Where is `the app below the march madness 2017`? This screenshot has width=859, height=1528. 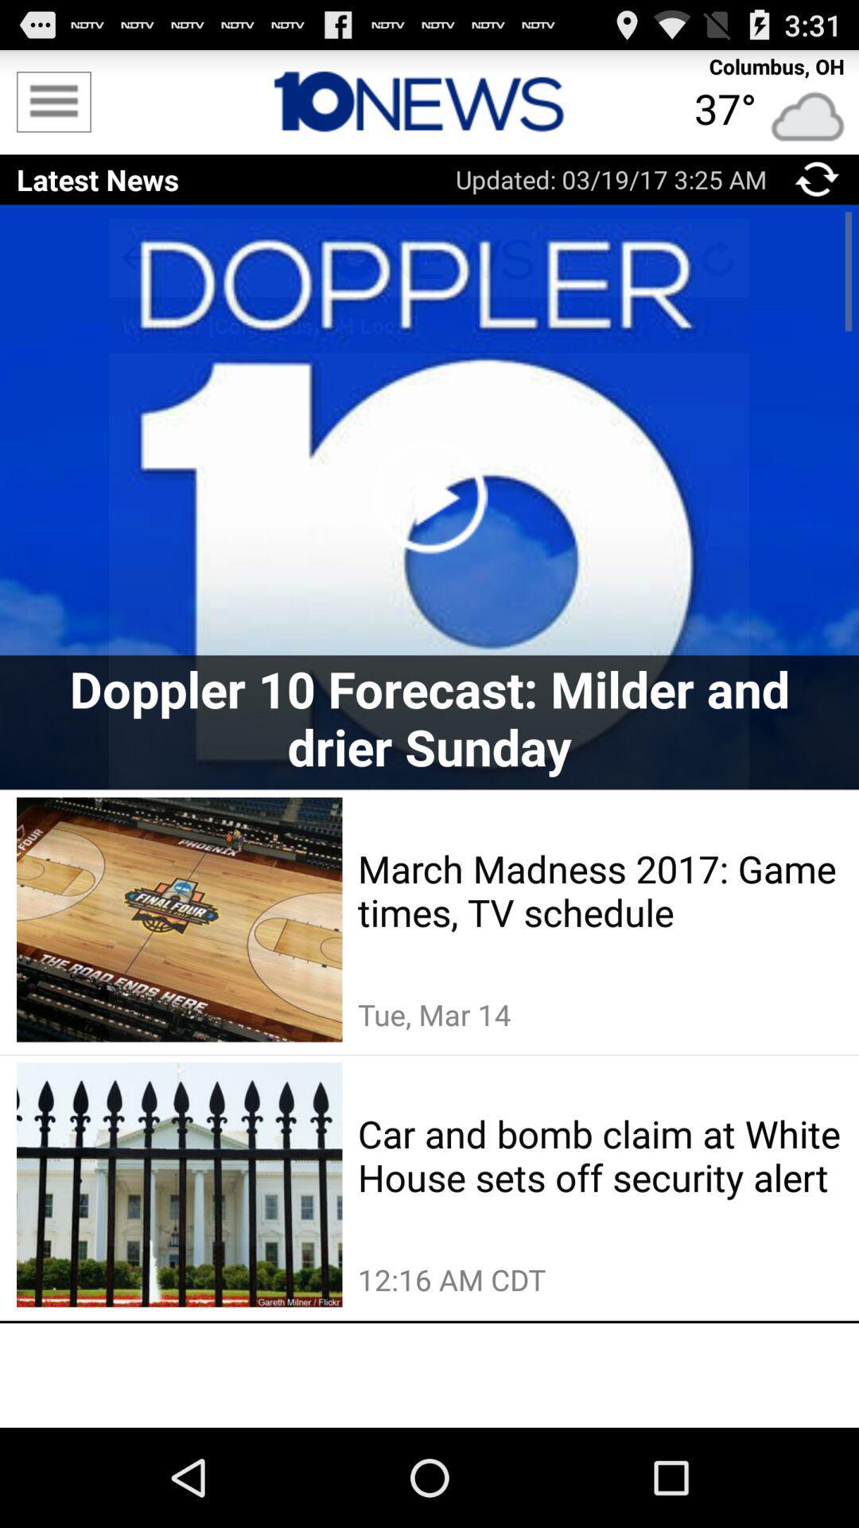 the app below the march madness 2017 is located at coordinates (600, 1014).